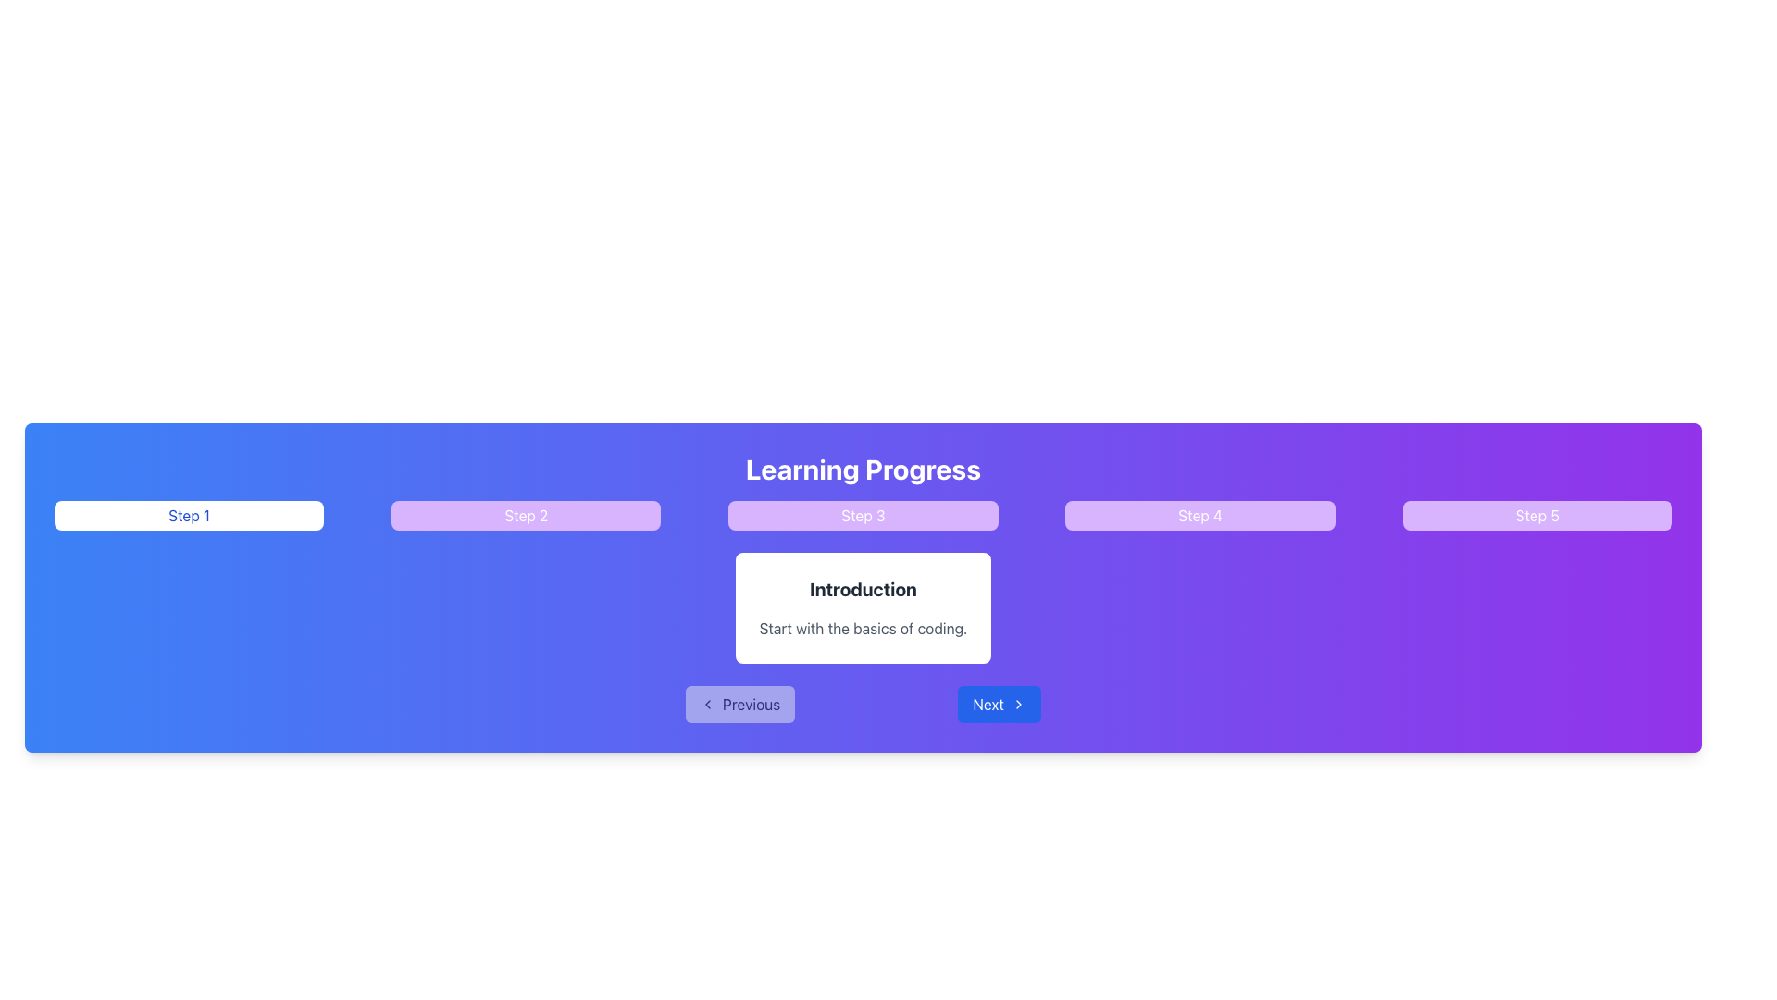  Describe the element at coordinates (862, 589) in the screenshot. I see `the 'Introduction' text label displayed in a large, bold font within a white rounded rectangular card on a gradient background` at that location.